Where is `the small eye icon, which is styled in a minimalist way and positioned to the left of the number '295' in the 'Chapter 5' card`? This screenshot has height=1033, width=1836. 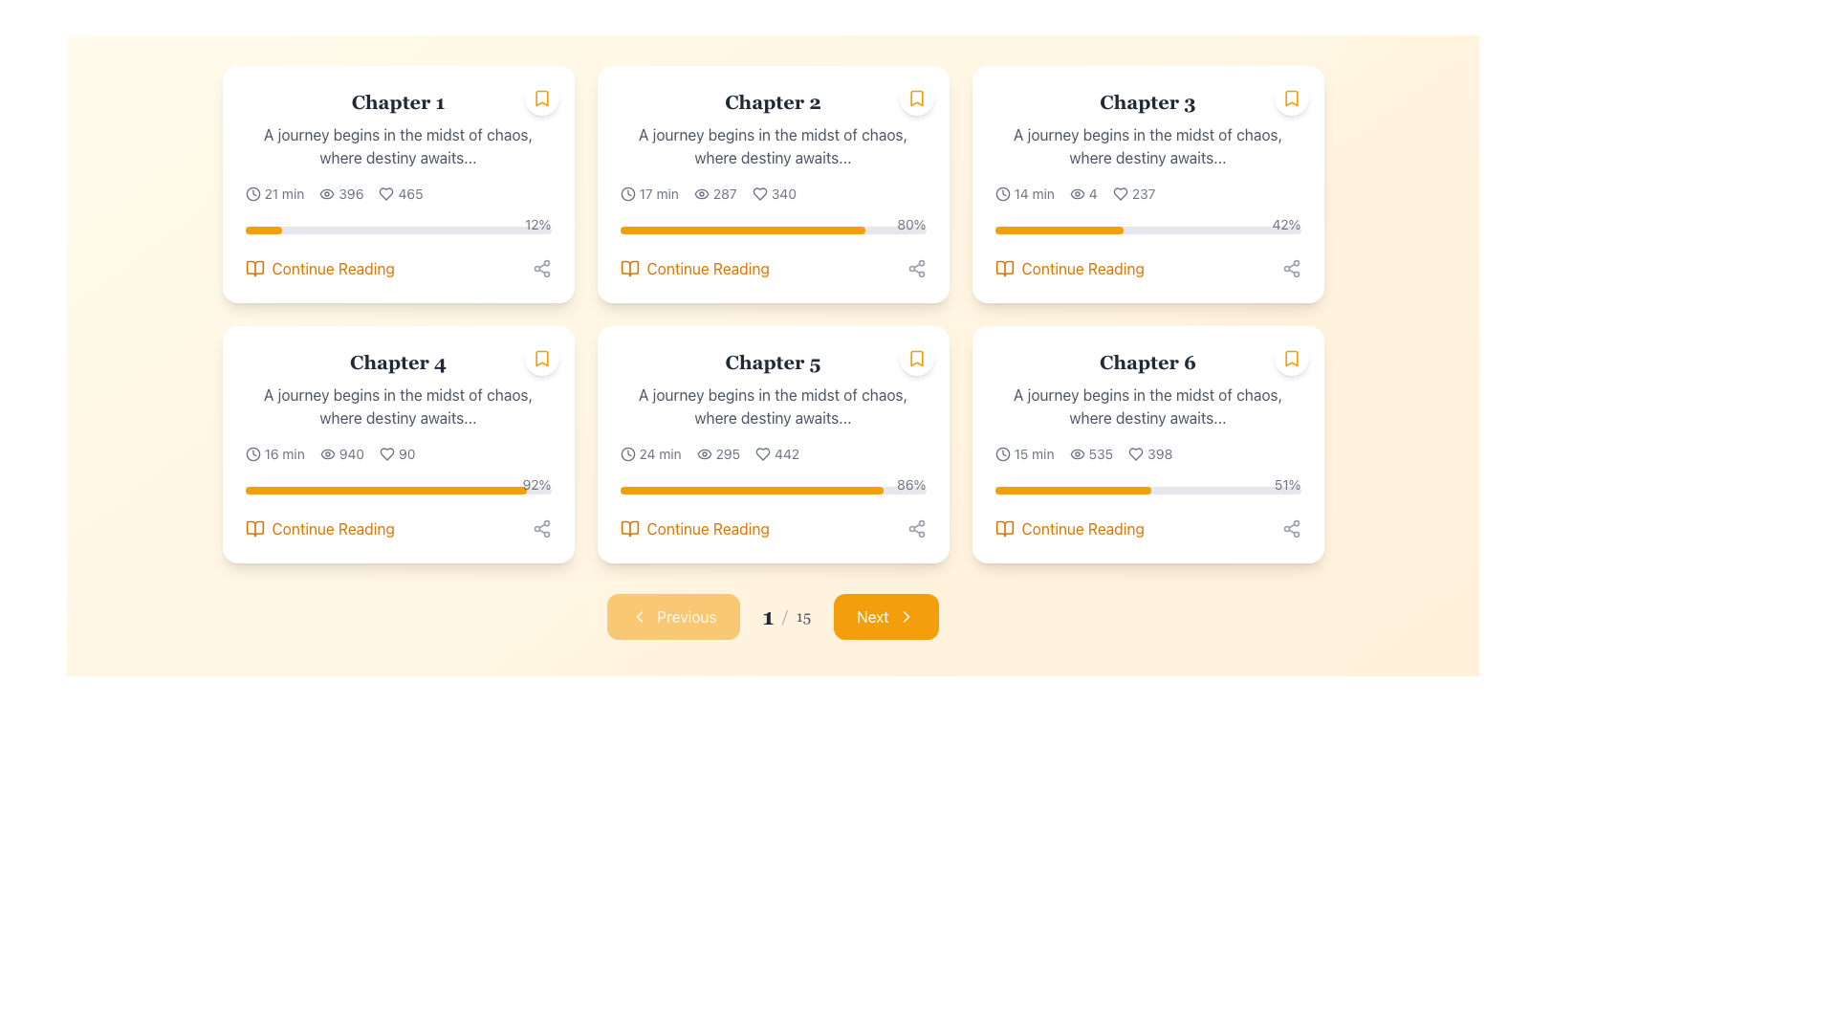 the small eye icon, which is styled in a minimalist way and positioned to the left of the number '295' in the 'Chapter 5' card is located at coordinates (703, 453).